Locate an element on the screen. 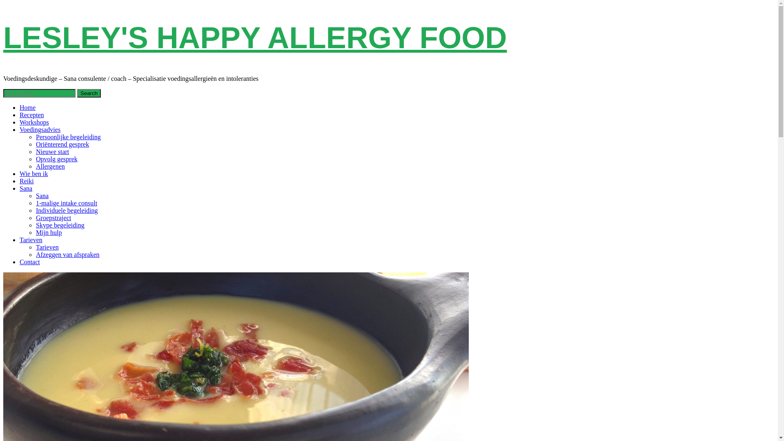 The width and height of the screenshot is (784, 441). 'Individuele begeleiding' is located at coordinates (67, 210).